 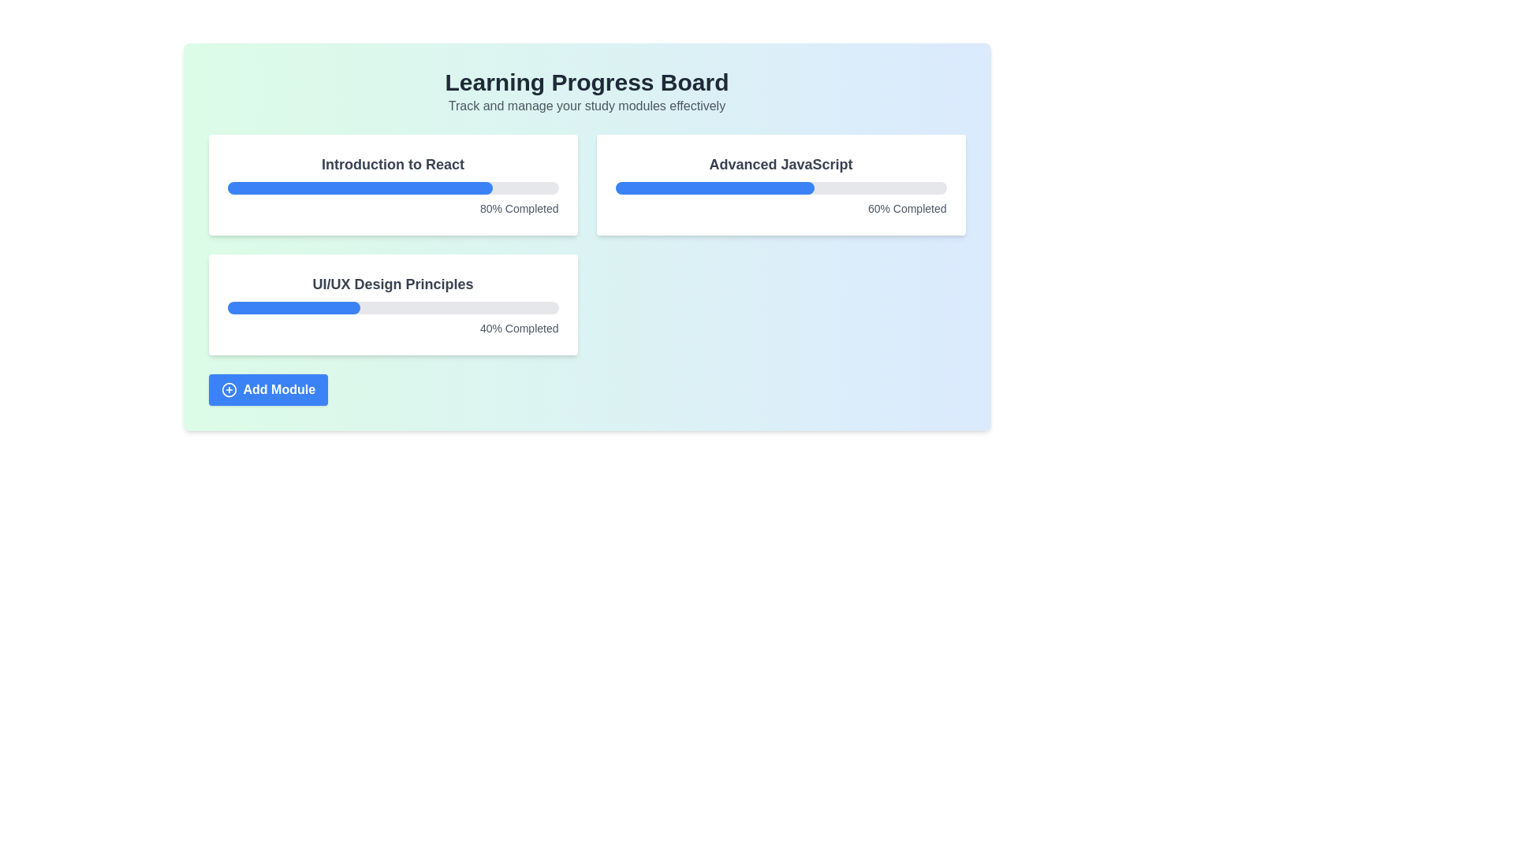 What do you see at coordinates (781, 164) in the screenshot?
I see `the text label displaying 'Advanced JavaScript' in bold, dark gray font at the top-right of the card` at bounding box center [781, 164].